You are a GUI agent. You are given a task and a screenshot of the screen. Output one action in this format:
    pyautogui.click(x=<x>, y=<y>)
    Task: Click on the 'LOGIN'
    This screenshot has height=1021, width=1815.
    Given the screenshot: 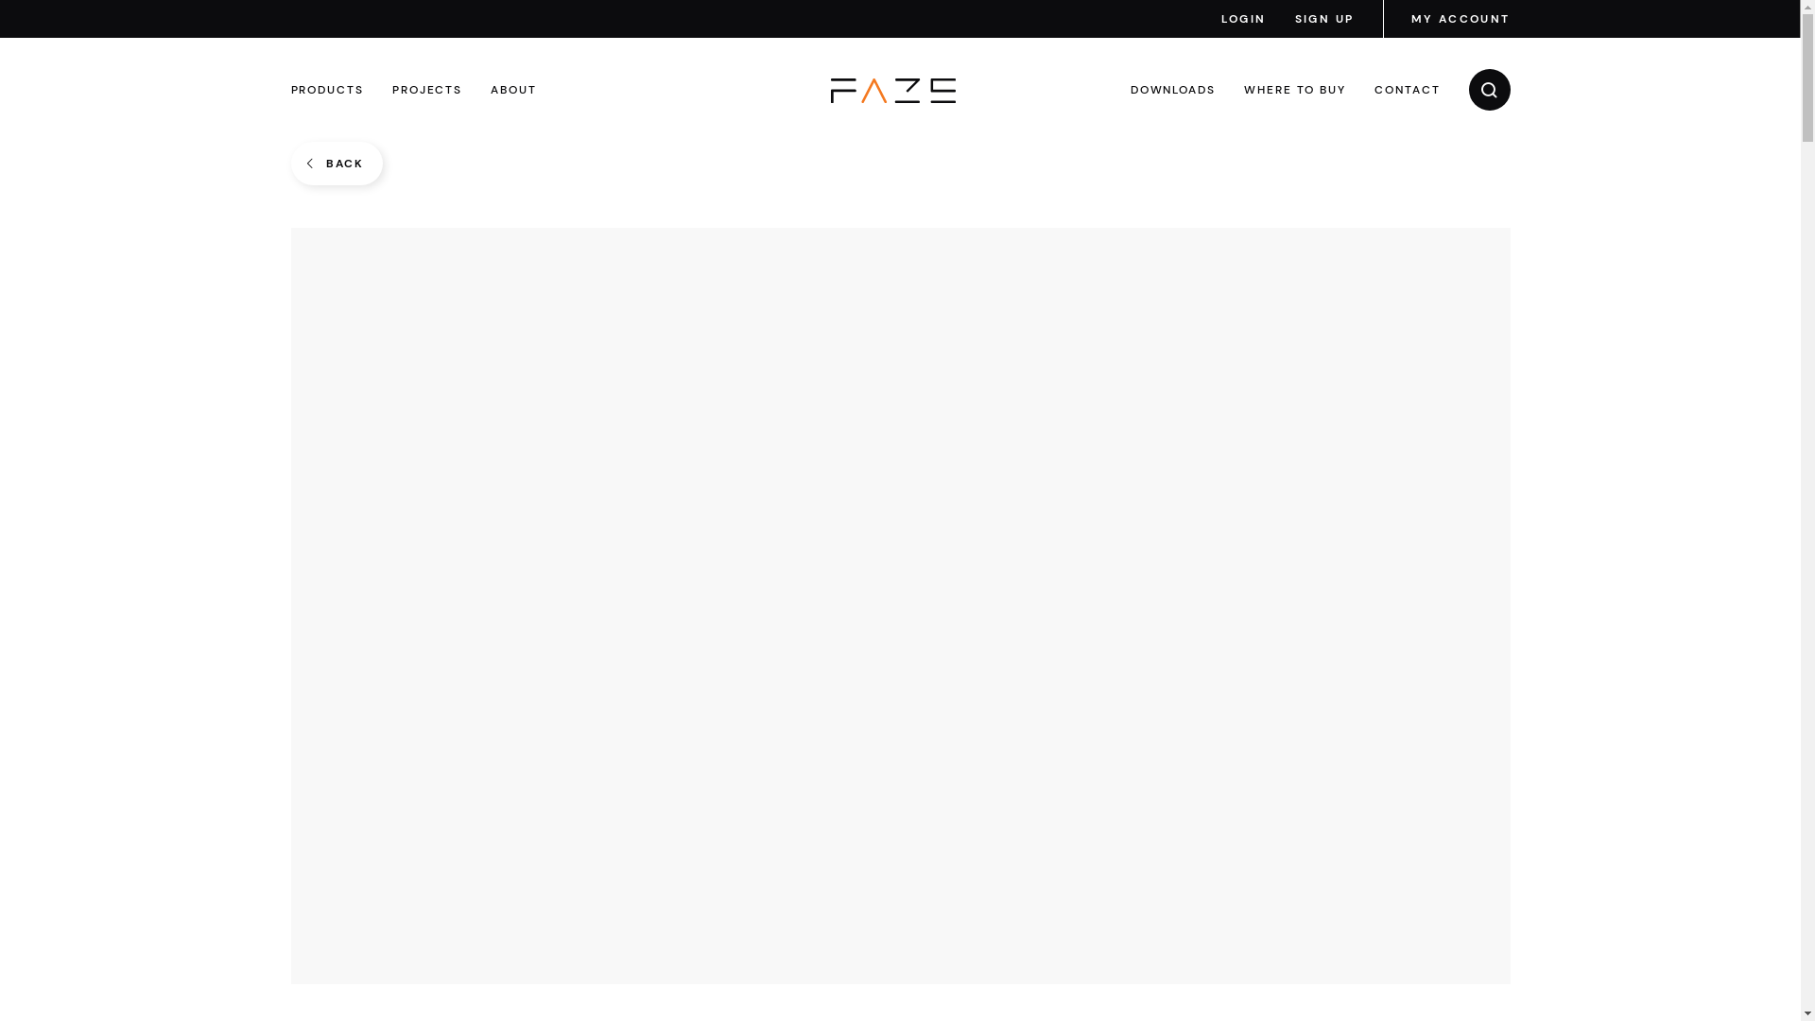 What is the action you would take?
    pyautogui.click(x=1243, y=18)
    